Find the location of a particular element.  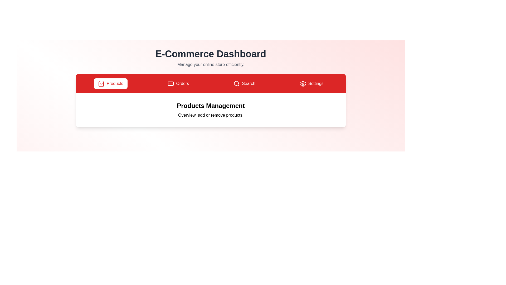

the 'Orders' button, which features a minimalistic credit card icon with a rounded rectangular shape, located in the top navigation bar between 'Products' and 'Search' is located at coordinates (171, 83).